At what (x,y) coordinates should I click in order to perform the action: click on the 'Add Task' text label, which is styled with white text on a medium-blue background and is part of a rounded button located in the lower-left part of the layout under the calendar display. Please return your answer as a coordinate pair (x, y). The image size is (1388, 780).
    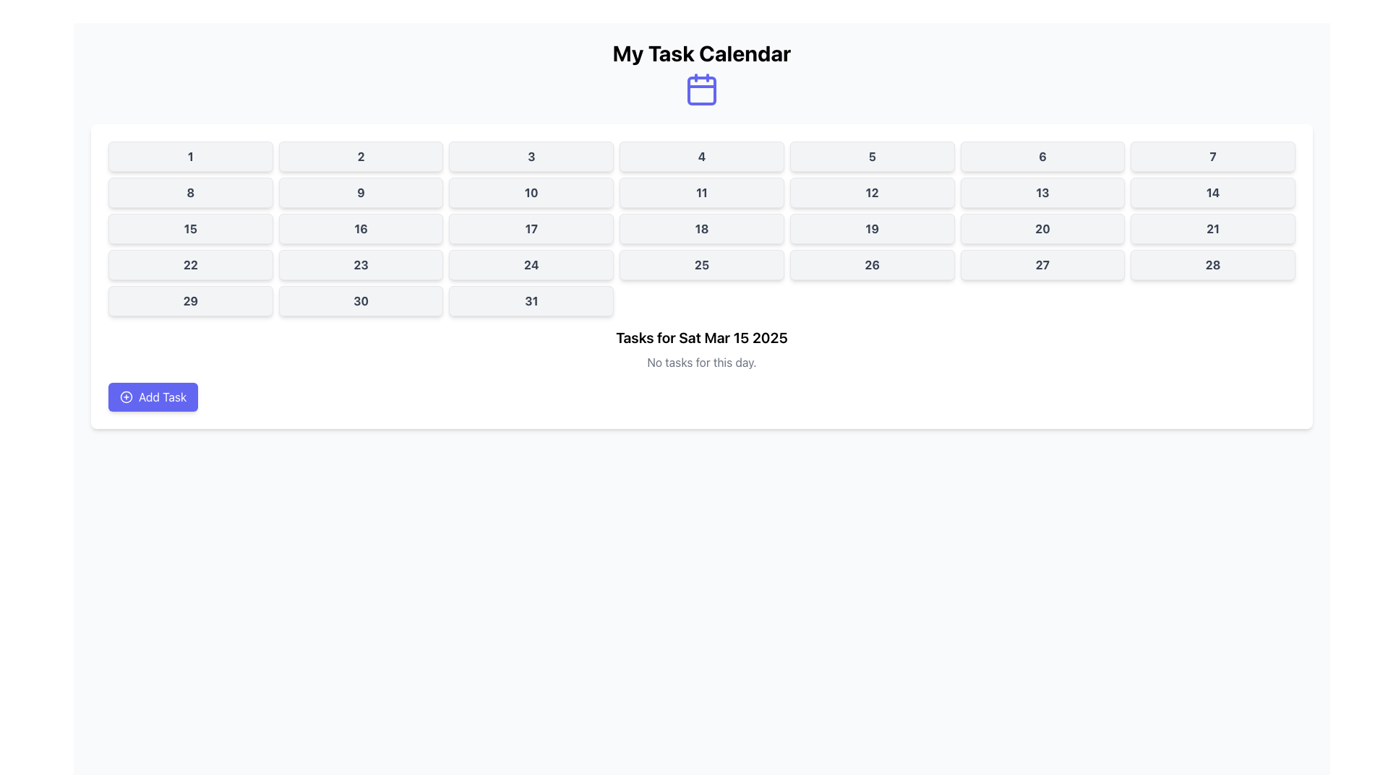
    Looking at the image, I should click on (163, 397).